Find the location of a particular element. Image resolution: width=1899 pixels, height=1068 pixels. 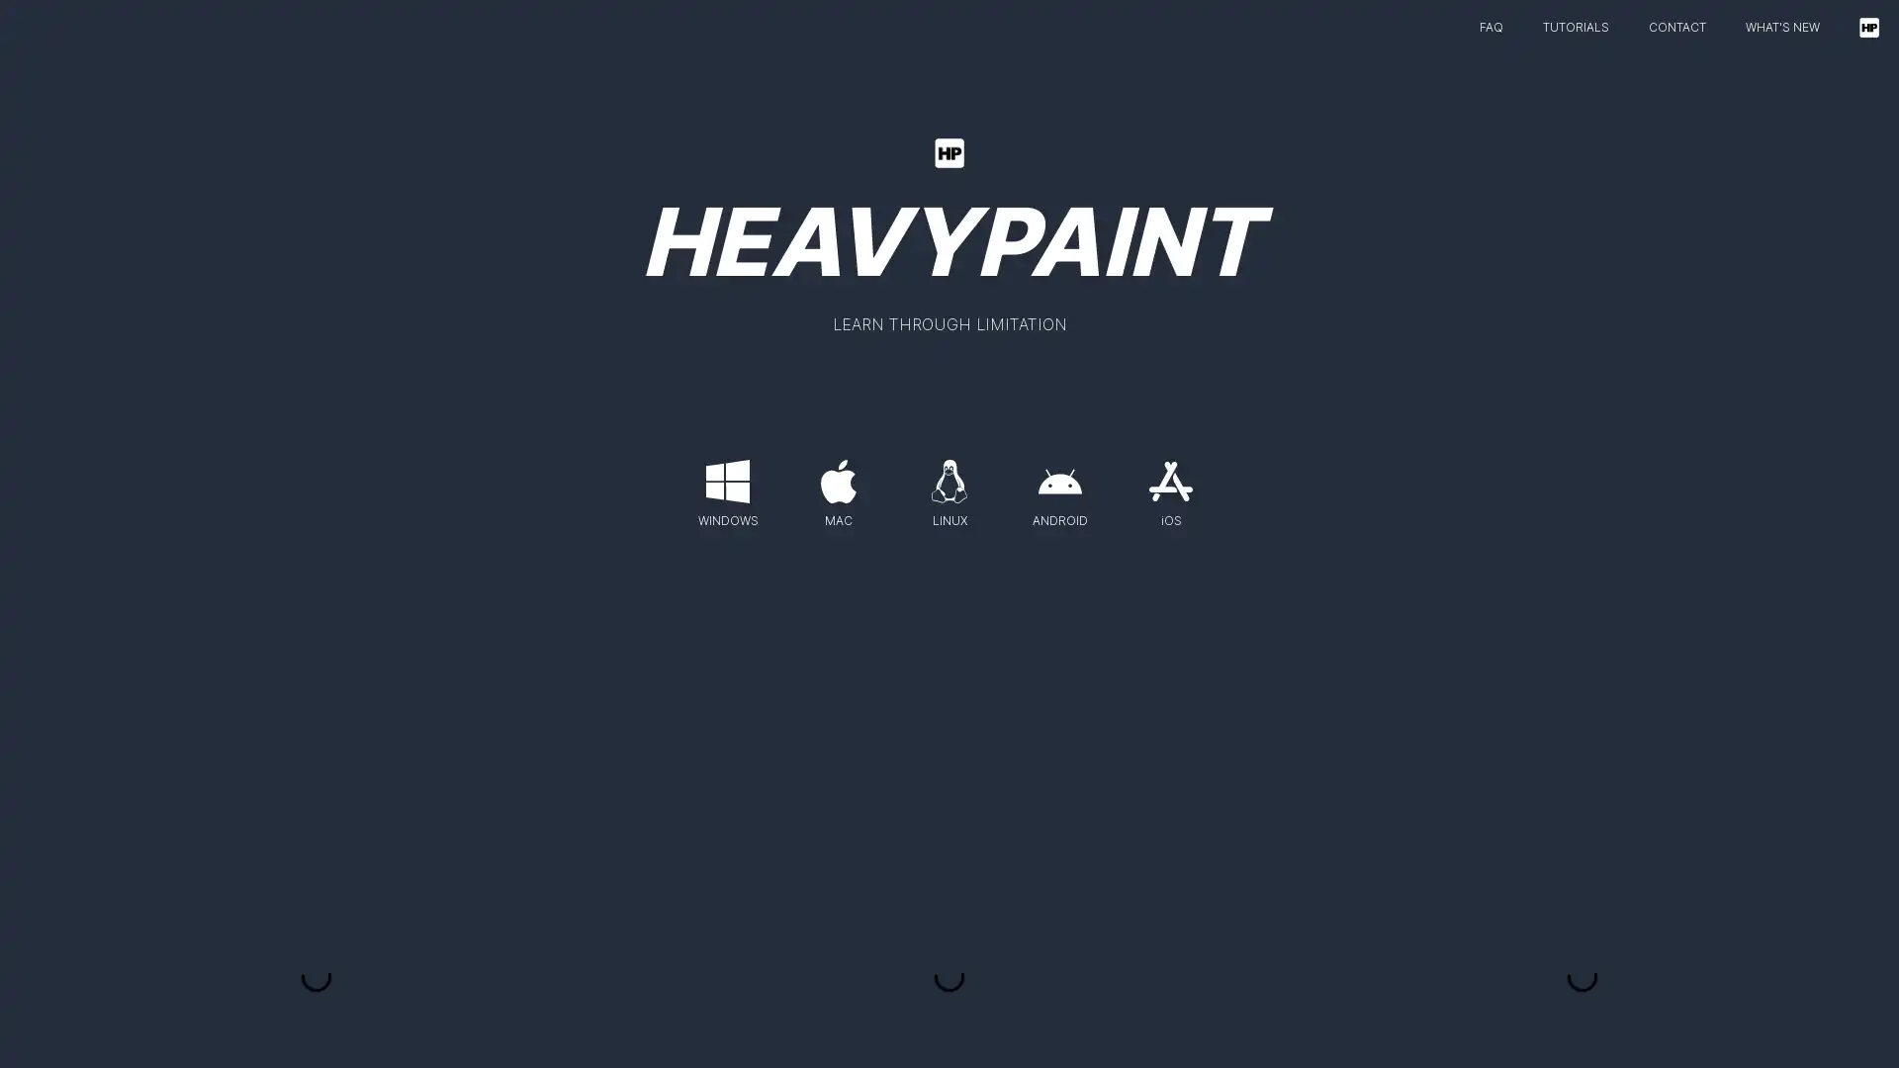

iOS is located at coordinates (1171, 488).